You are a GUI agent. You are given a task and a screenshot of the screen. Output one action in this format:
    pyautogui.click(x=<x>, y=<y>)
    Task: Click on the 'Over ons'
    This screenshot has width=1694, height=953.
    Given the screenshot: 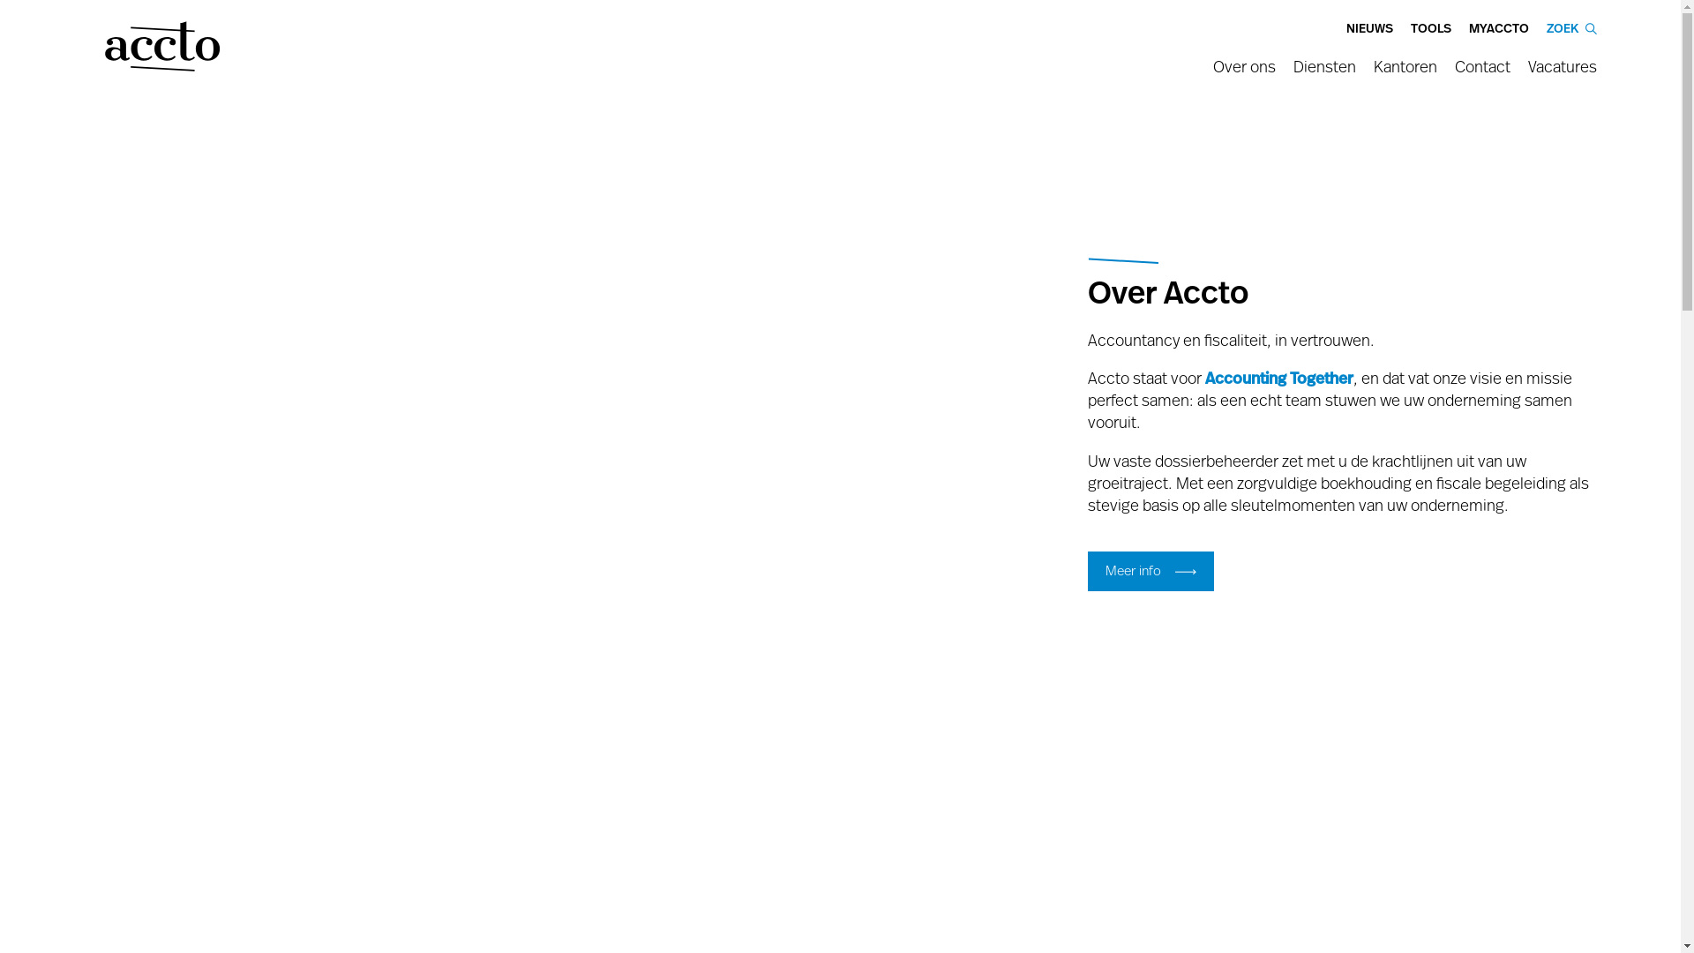 What is the action you would take?
    pyautogui.click(x=1211, y=71)
    